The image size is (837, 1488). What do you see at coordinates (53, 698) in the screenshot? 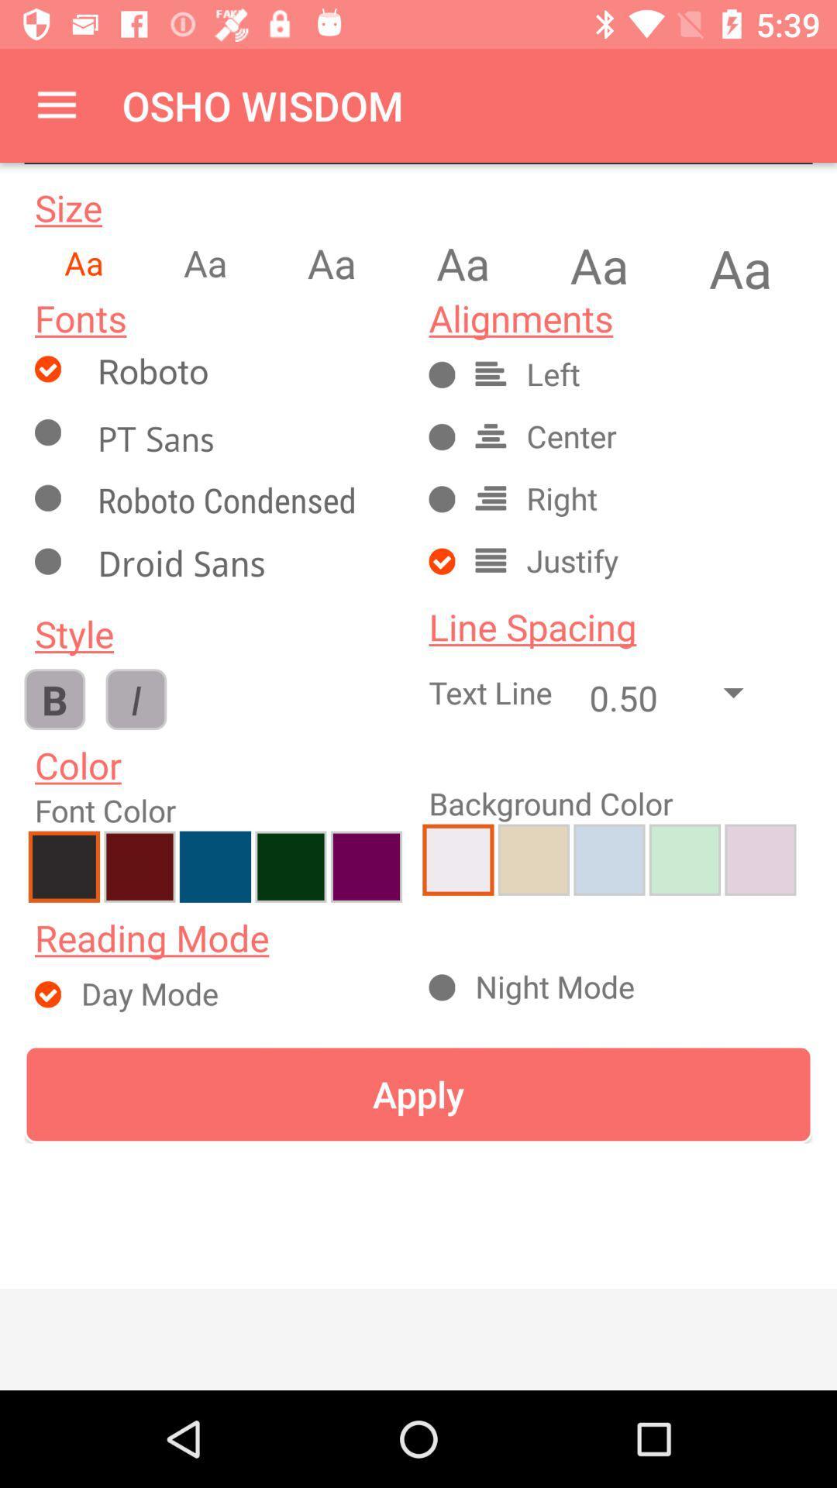
I see `the item to the left of i icon` at bounding box center [53, 698].